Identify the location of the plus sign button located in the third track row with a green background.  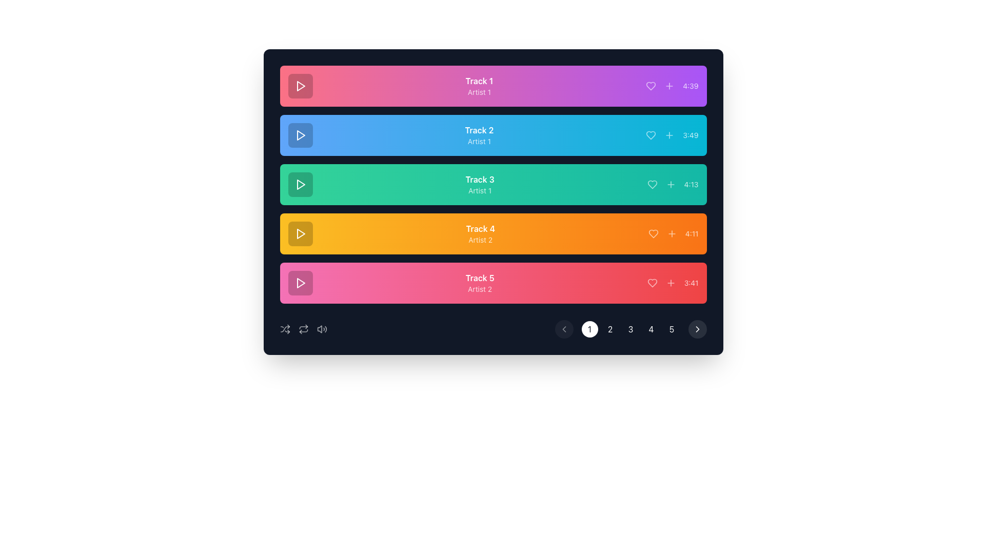
(670, 184).